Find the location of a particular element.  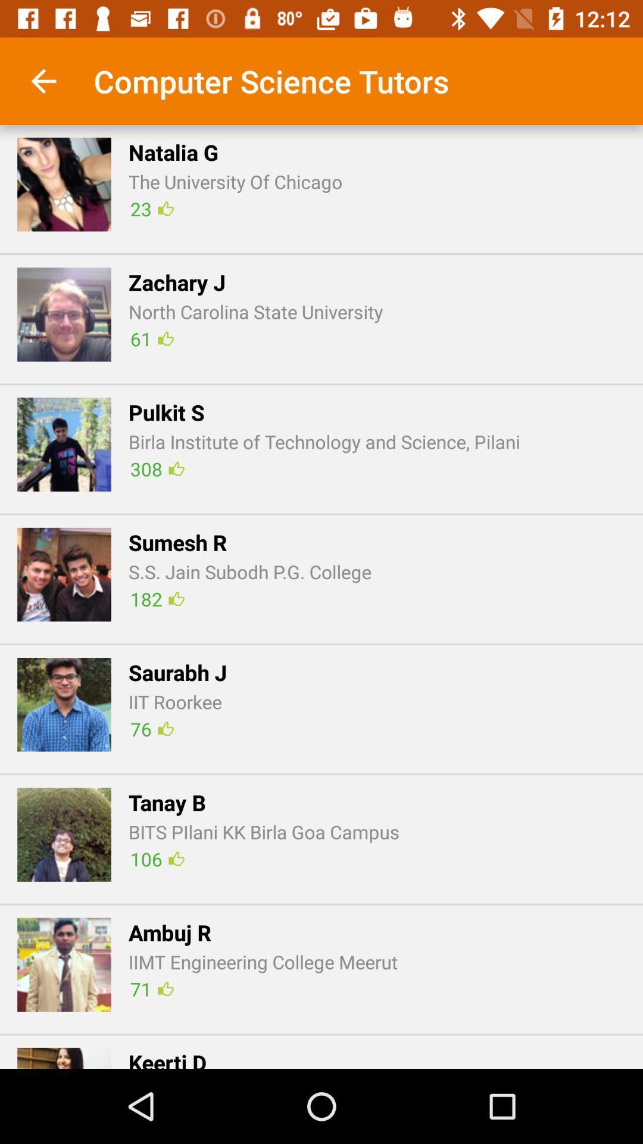

the icon next to the computer science tutors app is located at coordinates (43, 80).